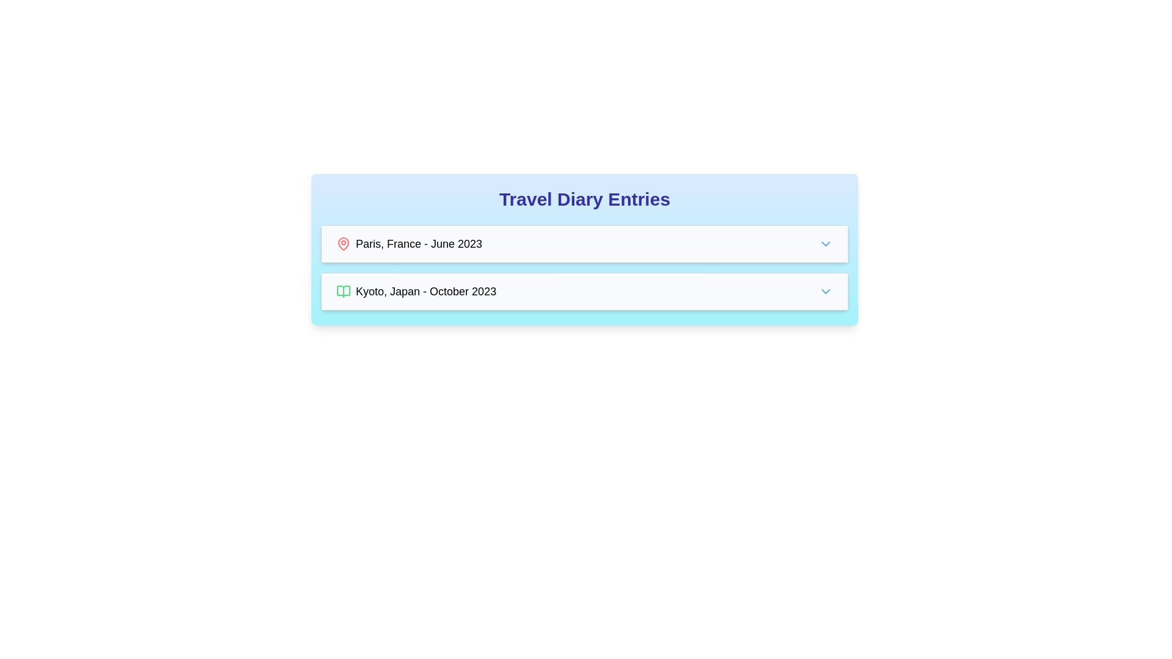  Describe the element at coordinates (342, 243) in the screenshot. I see `the red map pin icon located adjacent to the text 'Paris, France - June 2023' in the first row of the 'Travel Diary Entries' section` at that location.